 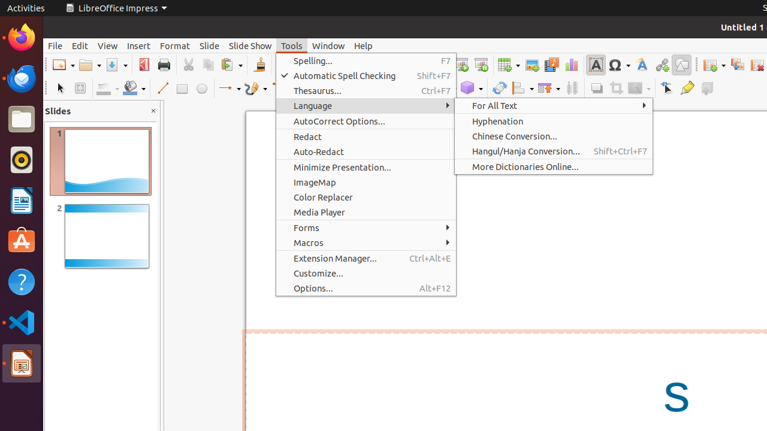 I want to click on 'Format', so click(x=174, y=45).